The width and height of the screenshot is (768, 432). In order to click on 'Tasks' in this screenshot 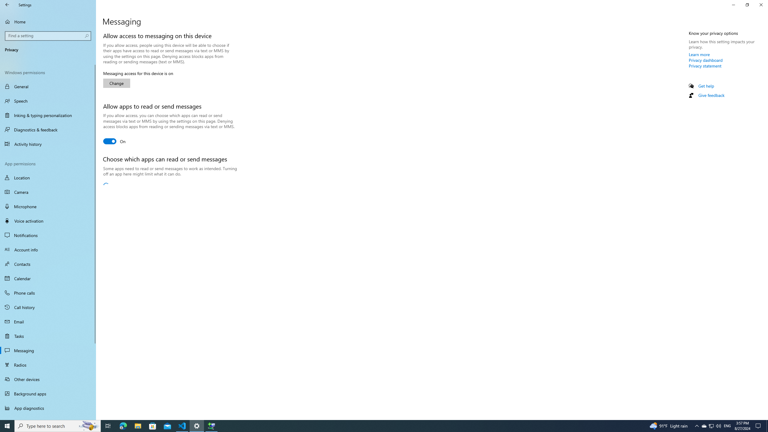, I will do `click(48, 335)`.